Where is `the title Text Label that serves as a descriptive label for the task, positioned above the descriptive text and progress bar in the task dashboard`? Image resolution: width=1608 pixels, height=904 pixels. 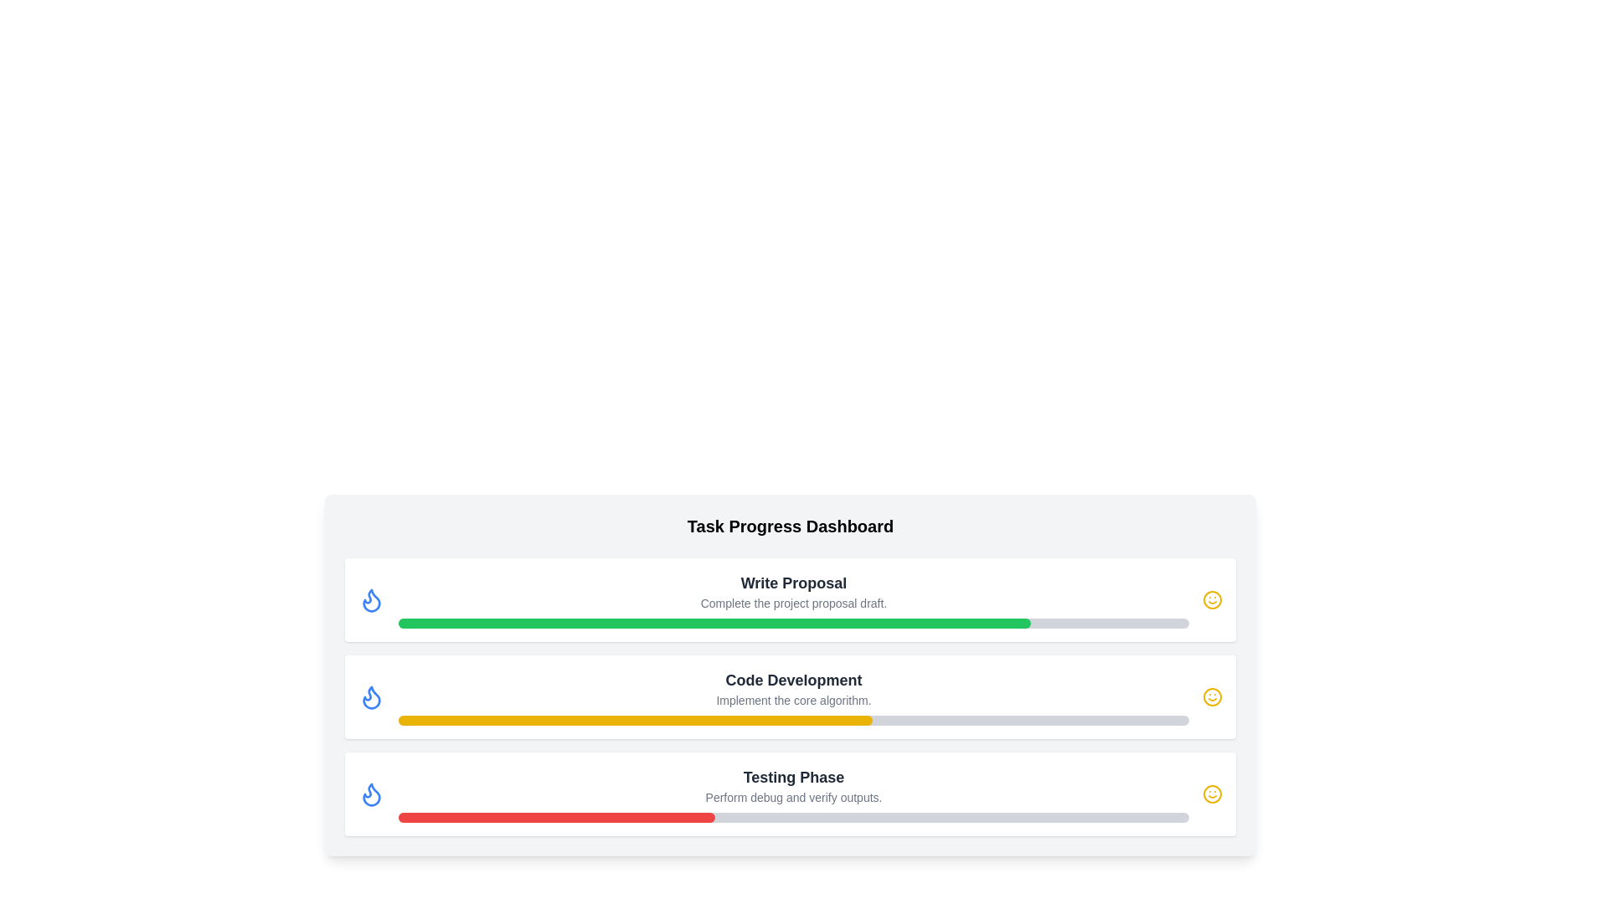
the title Text Label that serves as a descriptive label for the task, positioned above the descriptive text and progress bar in the task dashboard is located at coordinates (793, 681).